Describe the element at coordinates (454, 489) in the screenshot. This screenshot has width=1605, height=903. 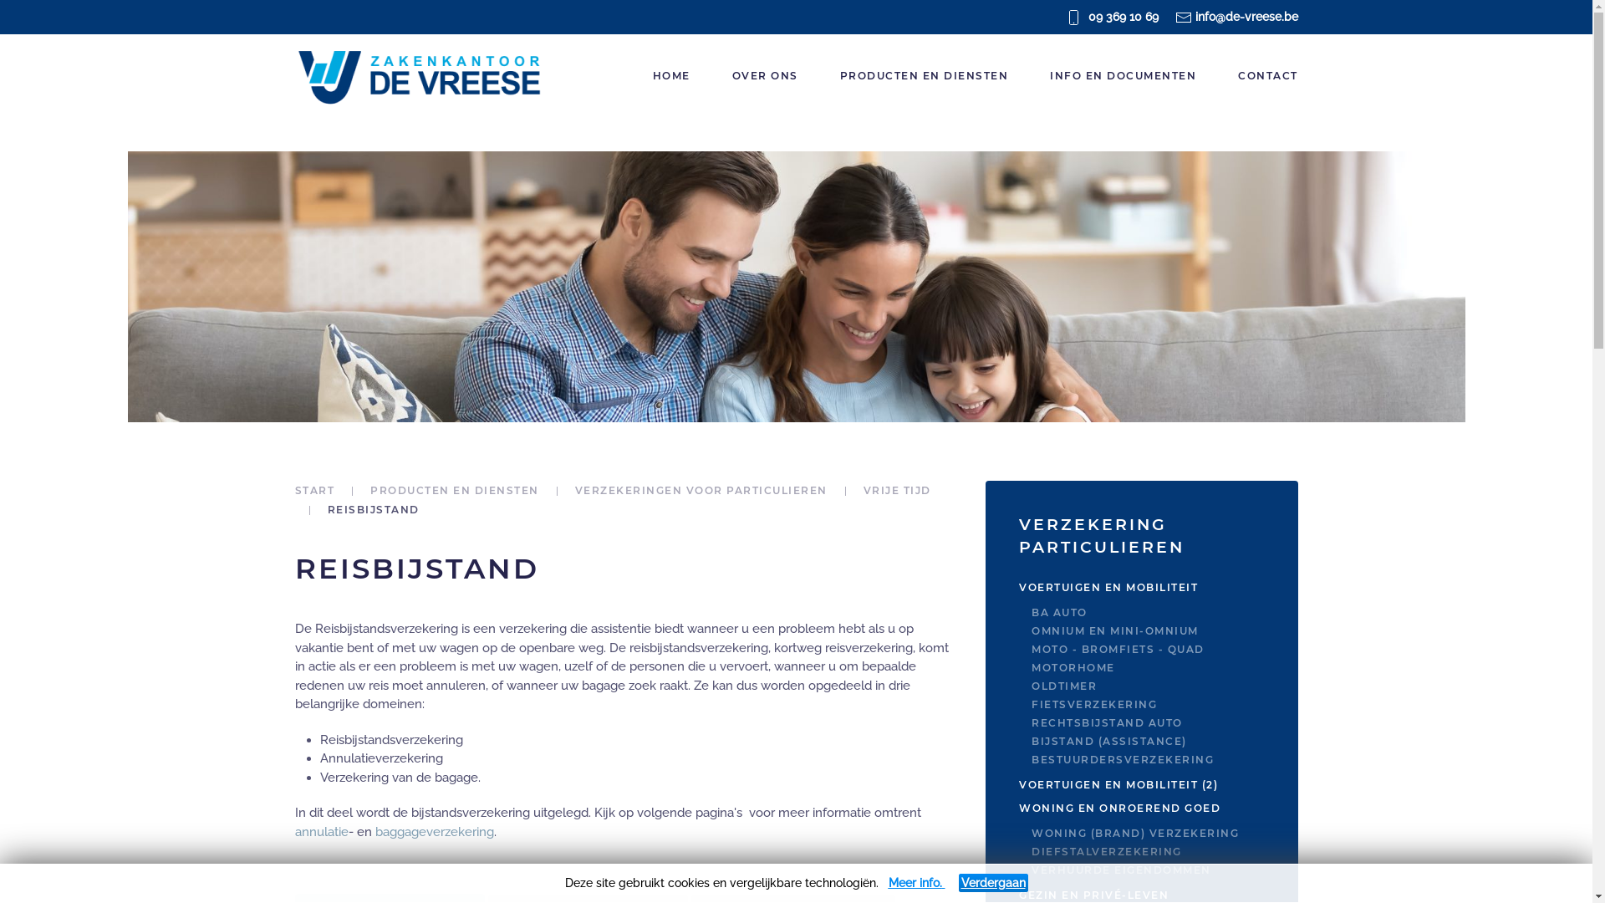
I see `'PRODUCTEN EN DIENSTEN'` at that location.